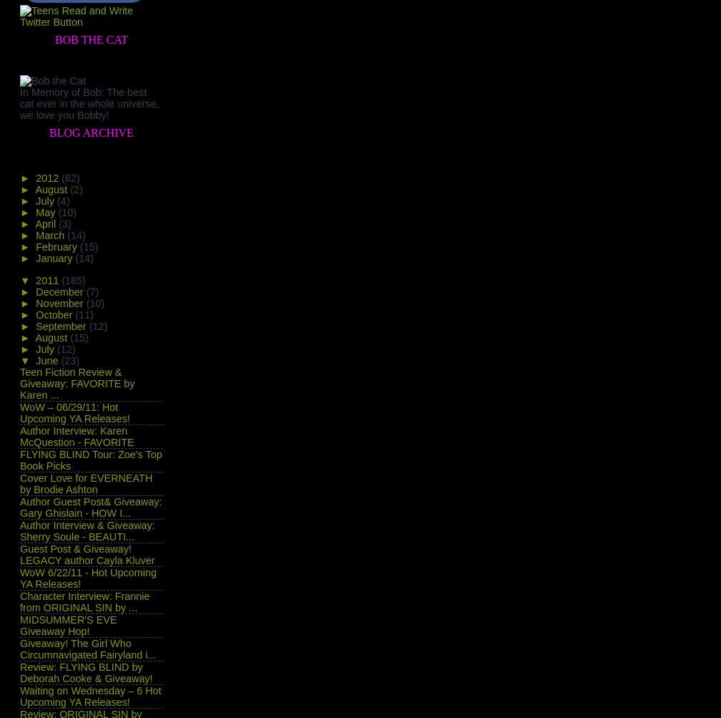 Image resolution: width=721 pixels, height=718 pixels. I want to click on '(4)', so click(62, 201).